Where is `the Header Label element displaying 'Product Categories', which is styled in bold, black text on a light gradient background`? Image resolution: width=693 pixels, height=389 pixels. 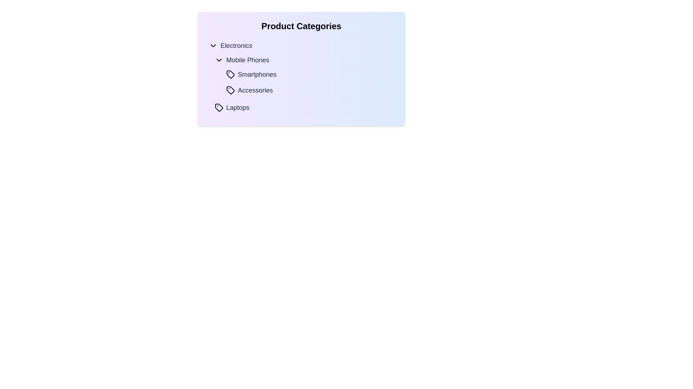
the Header Label element displaying 'Product Categories', which is styled in bold, black text on a light gradient background is located at coordinates (301, 26).